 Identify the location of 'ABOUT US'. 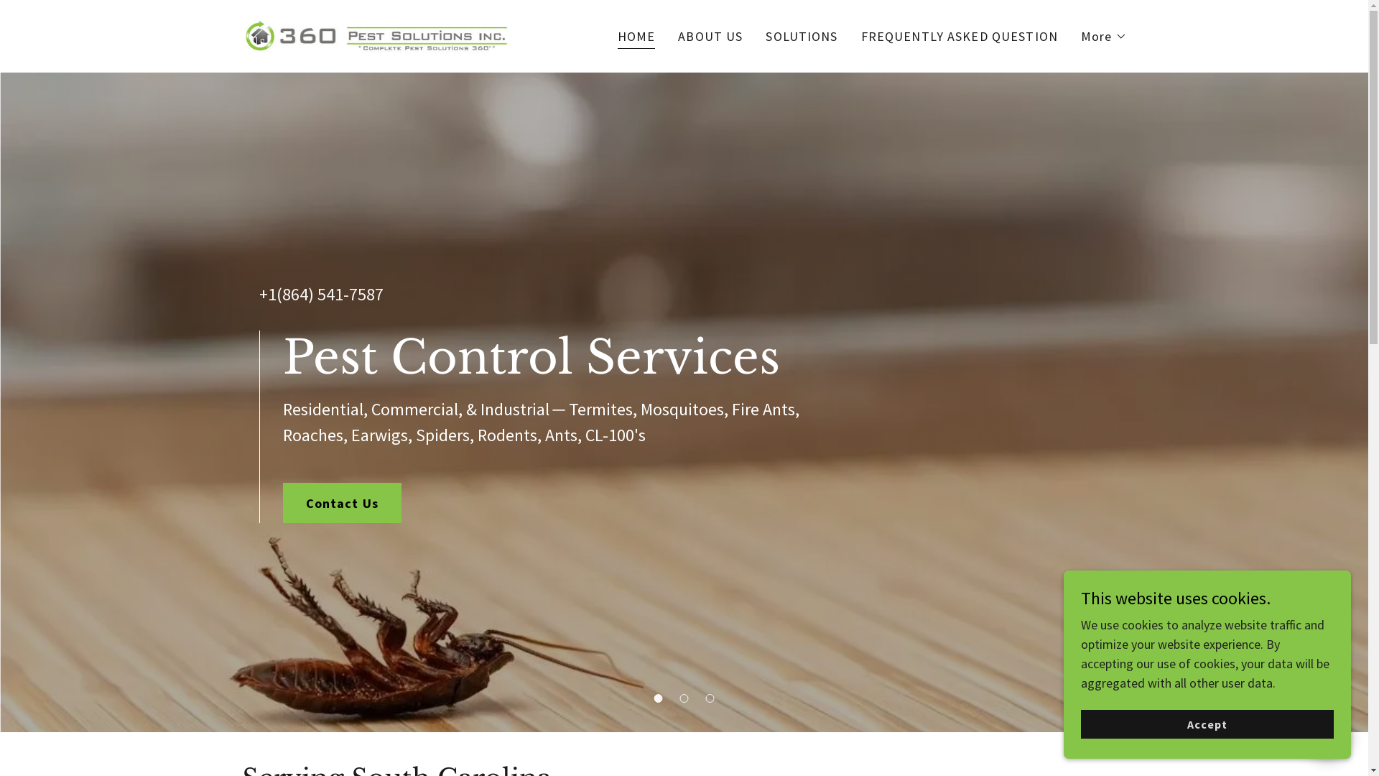
(710, 35).